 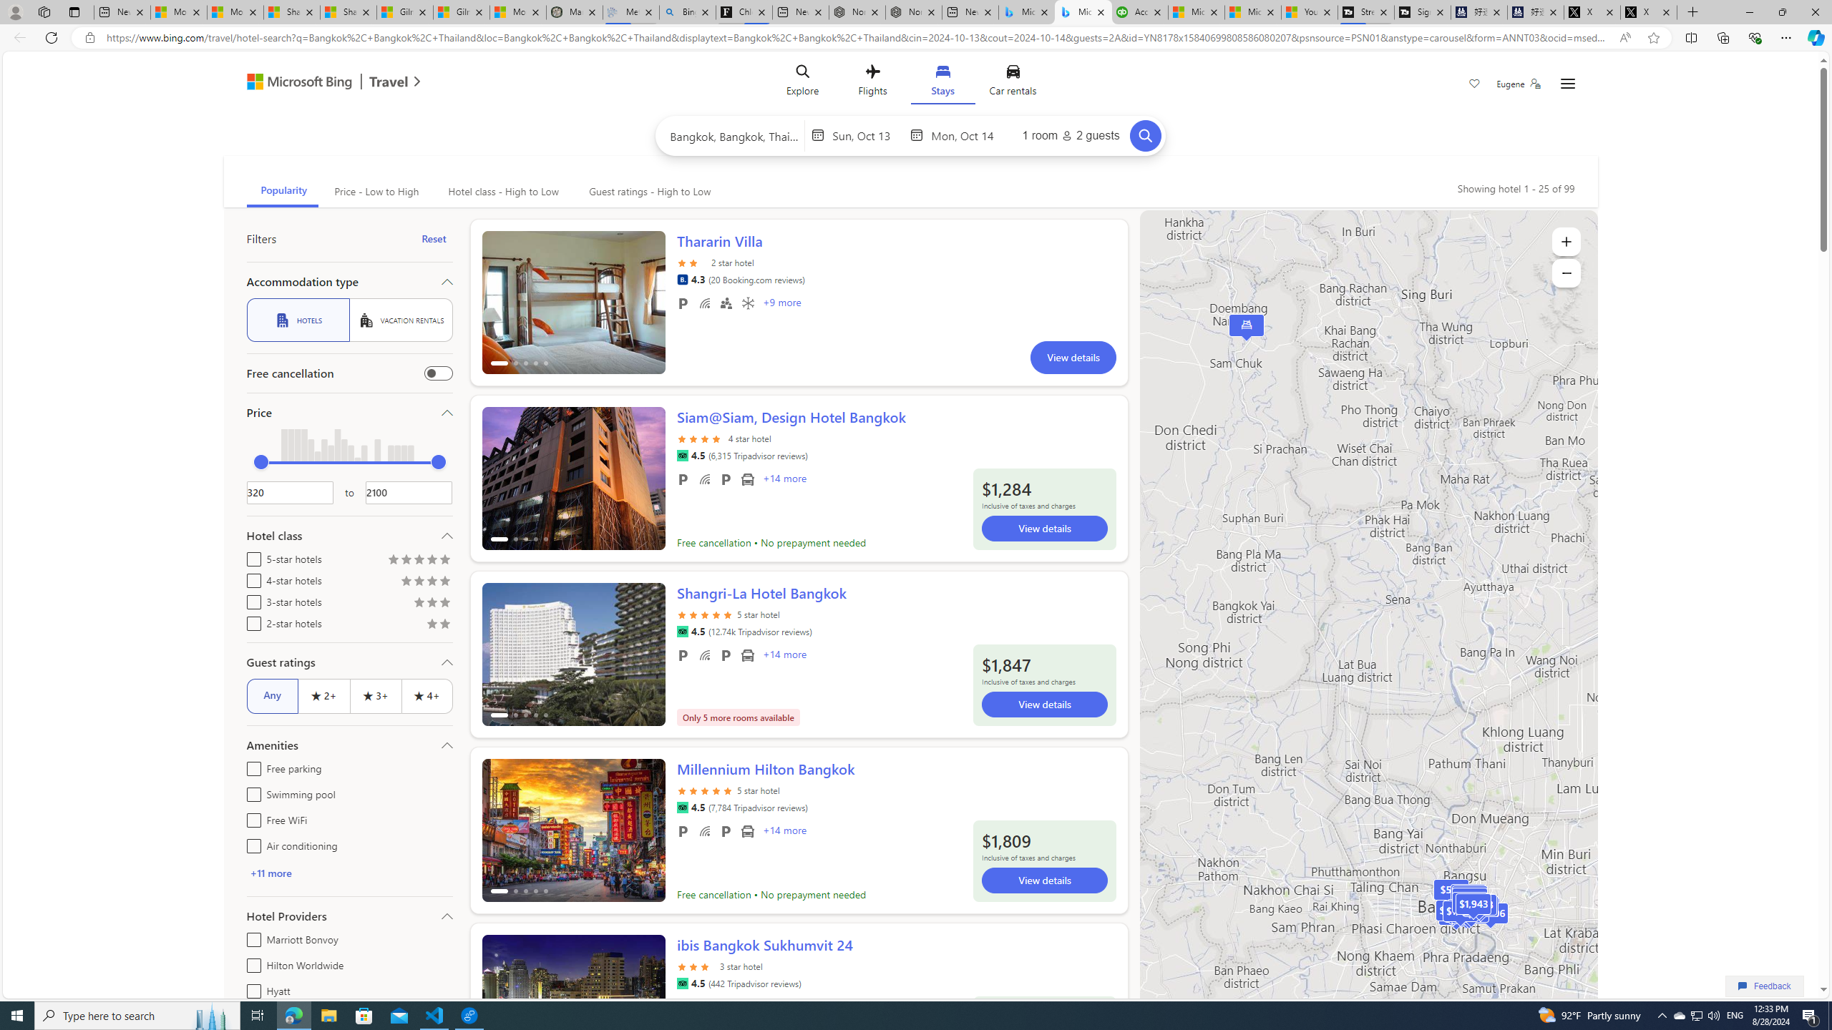 What do you see at coordinates (348, 745) in the screenshot?
I see `'Amenities'` at bounding box center [348, 745].